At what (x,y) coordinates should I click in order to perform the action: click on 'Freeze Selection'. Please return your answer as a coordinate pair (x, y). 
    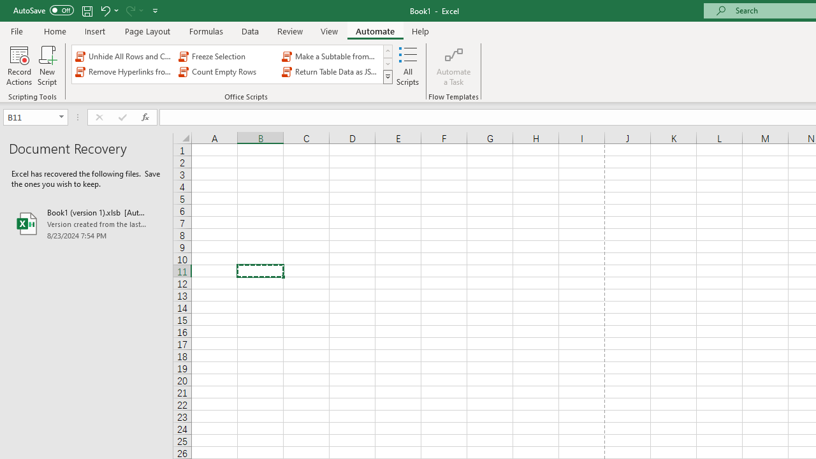
    Looking at the image, I should click on (228, 55).